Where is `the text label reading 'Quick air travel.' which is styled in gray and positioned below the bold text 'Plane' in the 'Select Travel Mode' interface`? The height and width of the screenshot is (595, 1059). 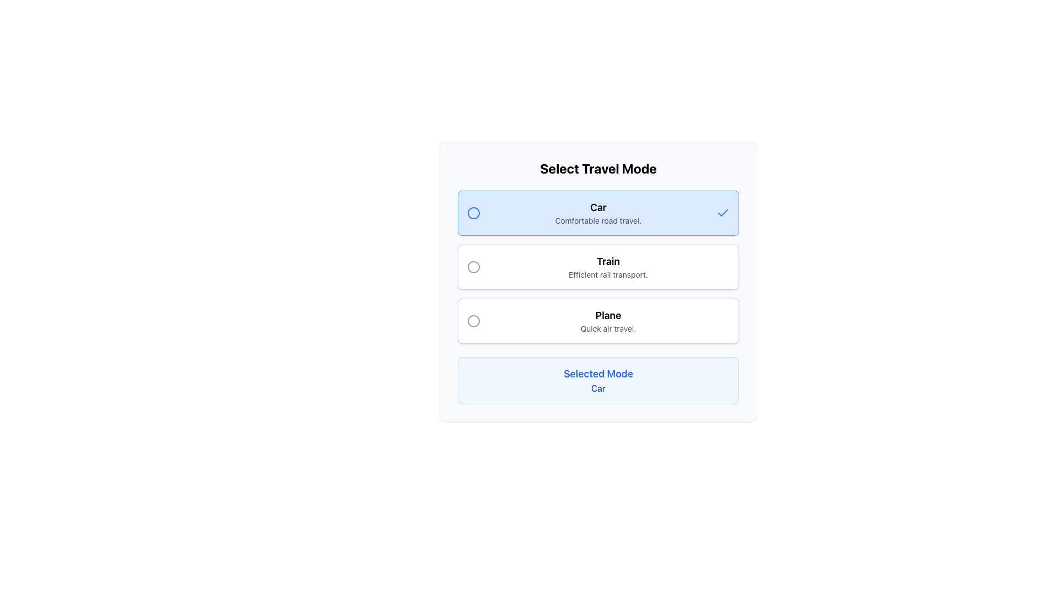
the text label reading 'Quick air travel.' which is styled in gray and positioned below the bold text 'Plane' in the 'Select Travel Mode' interface is located at coordinates (608, 328).